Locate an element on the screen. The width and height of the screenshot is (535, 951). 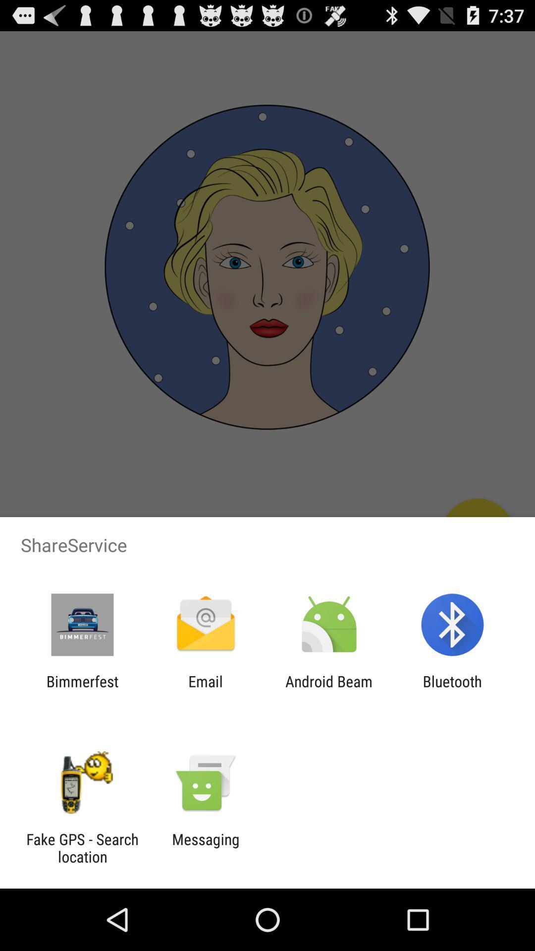
the icon next to the bimmerfest icon is located at coordinates (205, 689).